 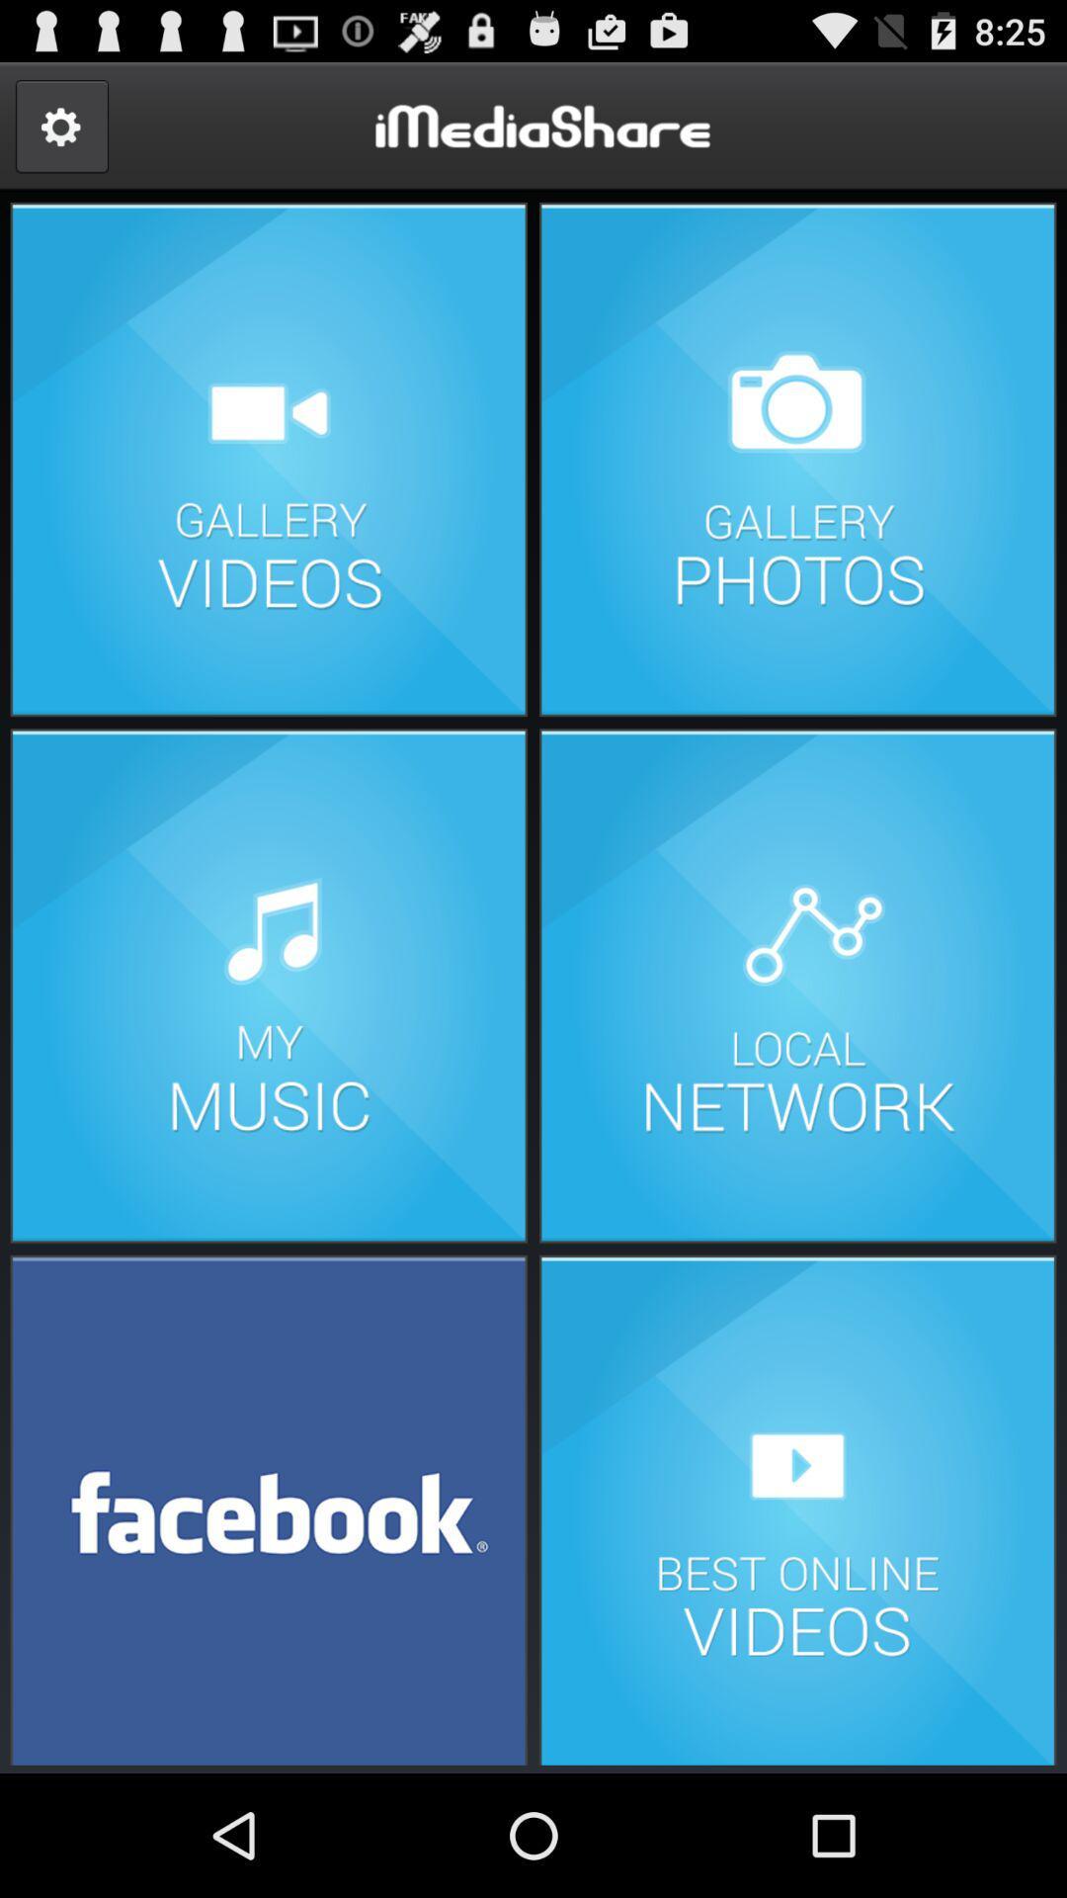 I want to click on watch videos, so click(x=796, y=1508).